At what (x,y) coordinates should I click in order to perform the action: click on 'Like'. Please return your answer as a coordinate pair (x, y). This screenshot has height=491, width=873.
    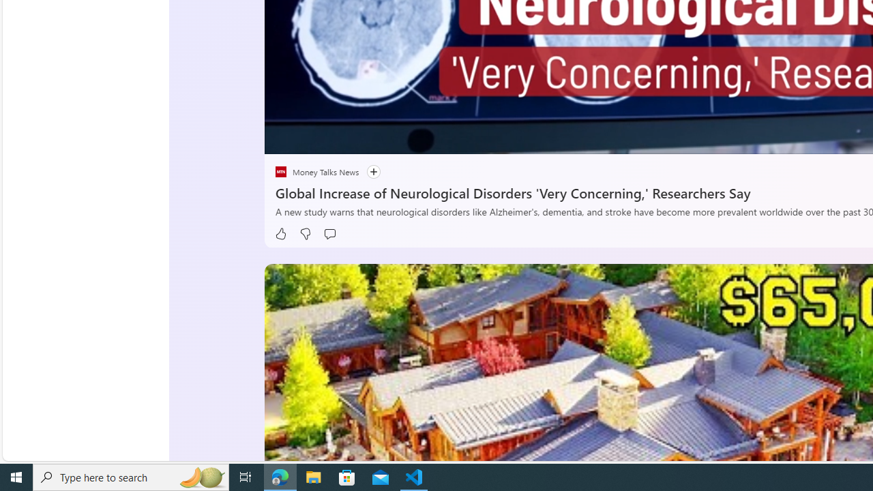
    Looking at the image, I should click on (280, 233).